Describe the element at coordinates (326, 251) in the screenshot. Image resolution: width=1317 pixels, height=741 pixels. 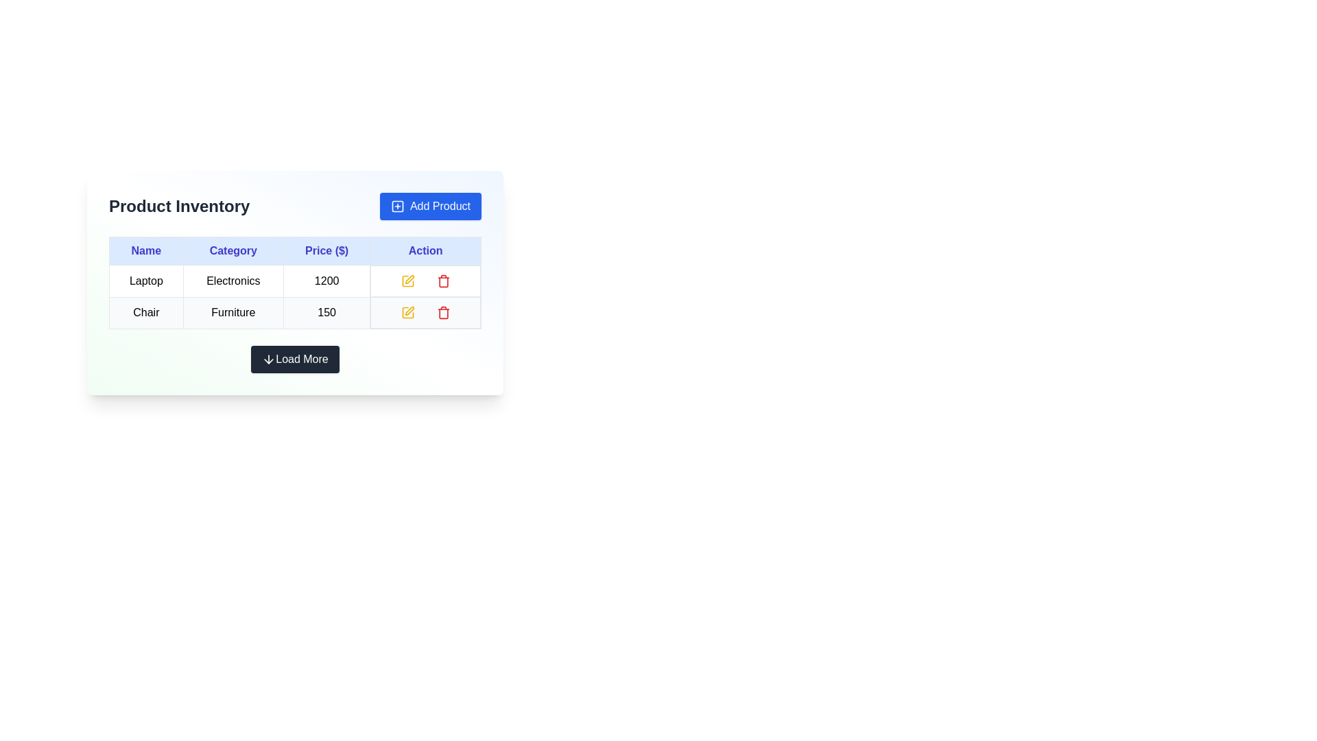
I see `the centered text label that reads 'Price ($)' in the table header row` at that location.